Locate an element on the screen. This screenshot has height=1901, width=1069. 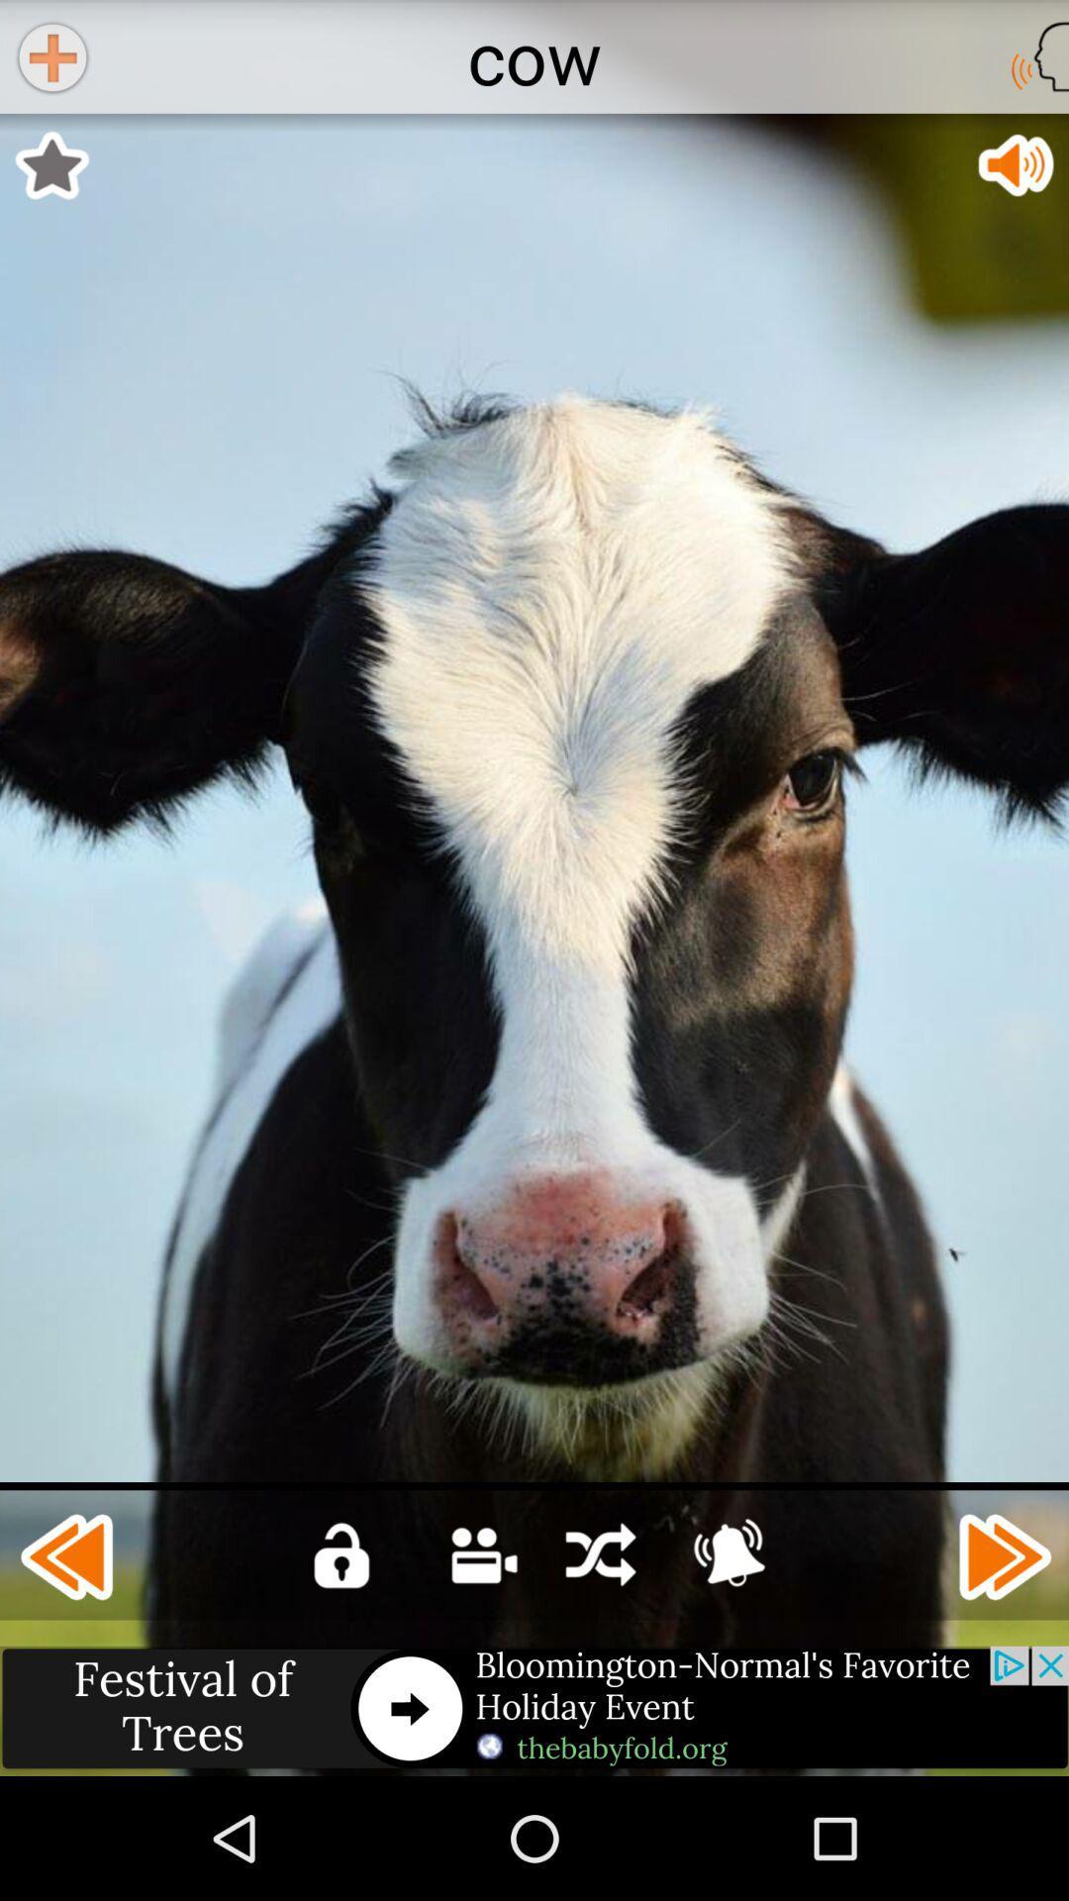
the icon below the cow is located at coordinates (50, 165).